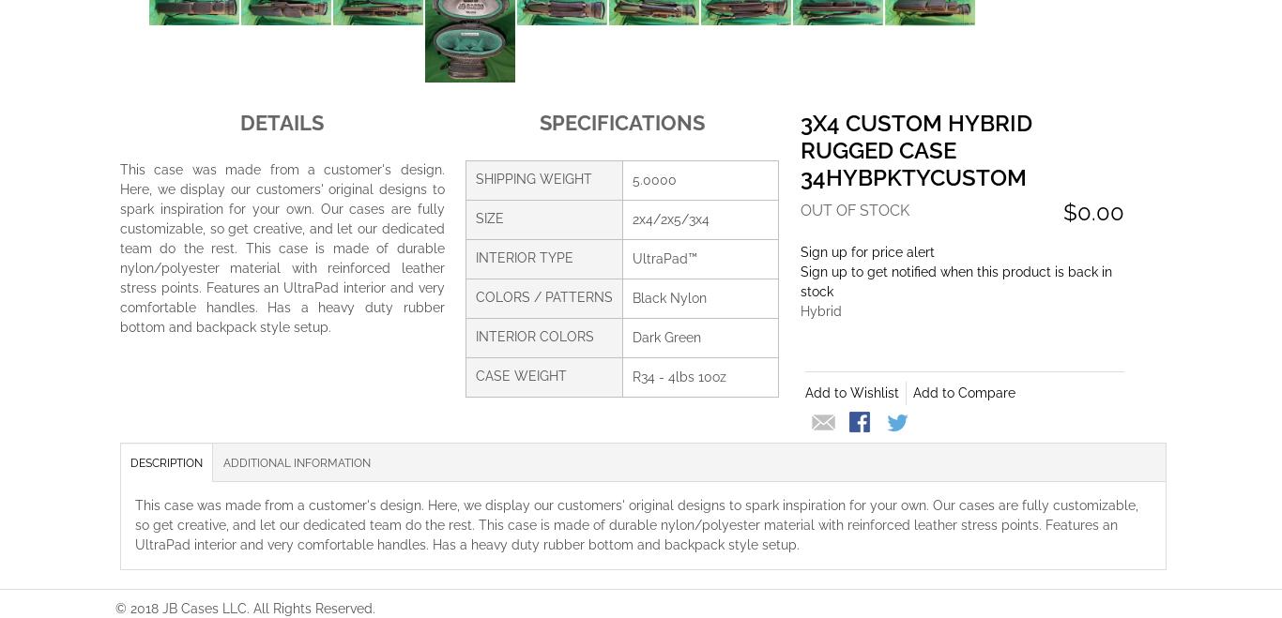 The image size is (1282, 618). I want to click on 'Hybrid', so click(818, 309).